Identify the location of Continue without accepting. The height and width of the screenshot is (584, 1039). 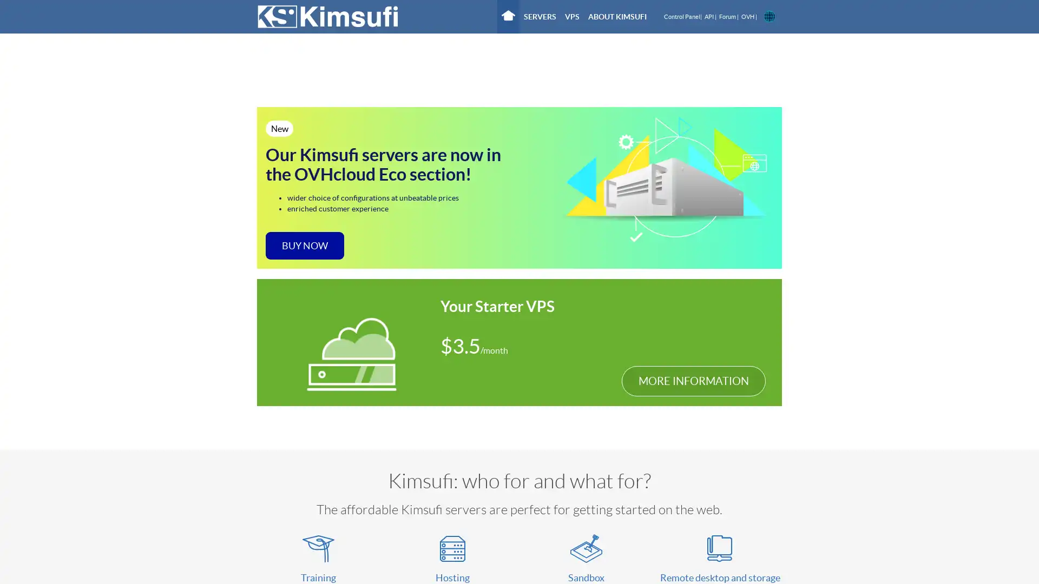
(363, 76).